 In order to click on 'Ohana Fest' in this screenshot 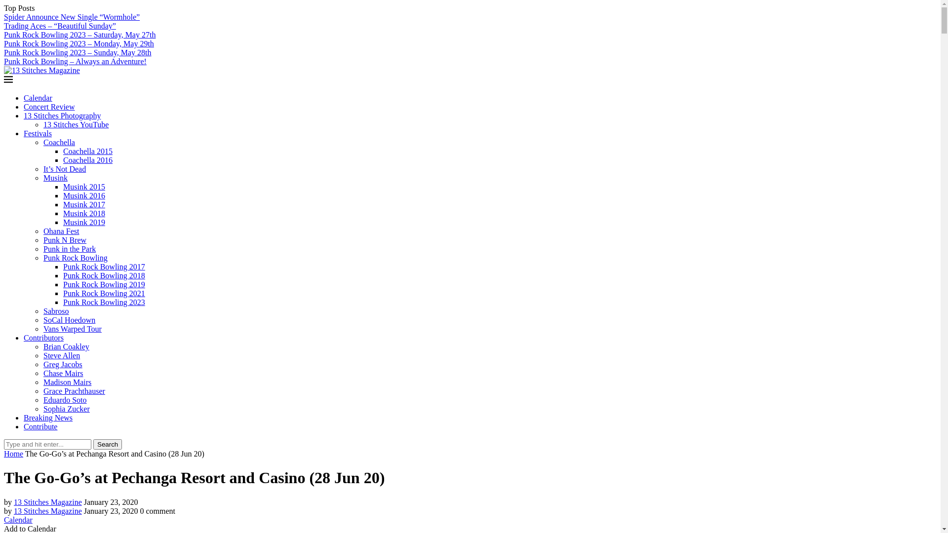, I will do `click(61, 231)`.